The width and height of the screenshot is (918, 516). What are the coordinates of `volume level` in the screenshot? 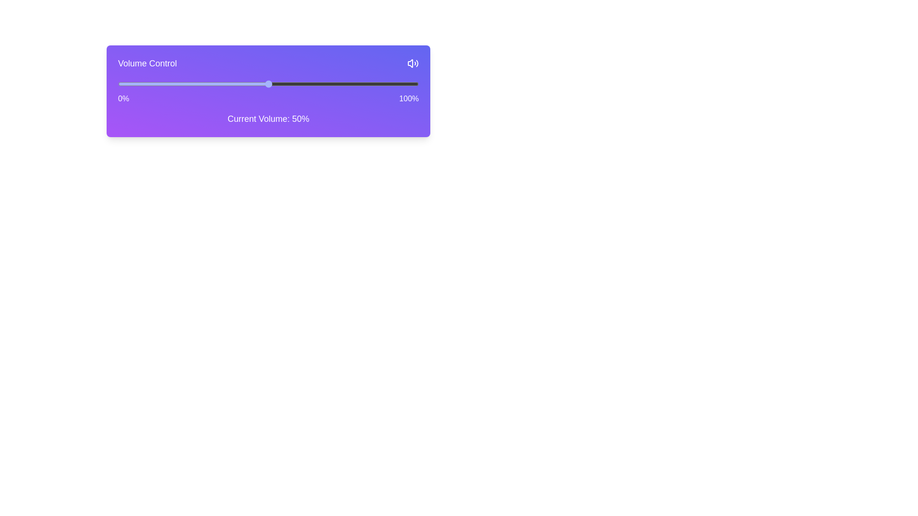 It's located at (208, 84).